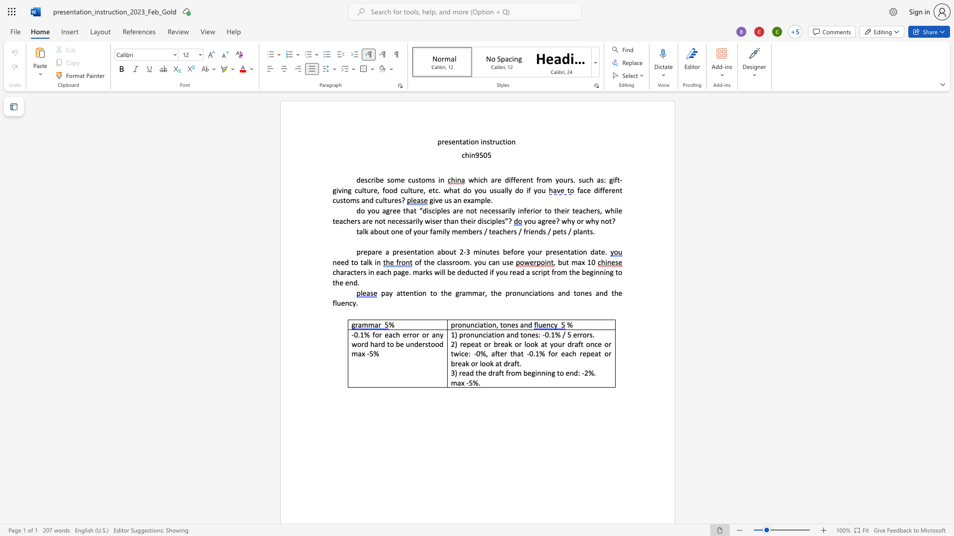 Image resolution: width=954 pixels, height=536 pixels. Describe the element at coordinates (354, 262) in the screenshot. I see `the space between the continuous character "t" and "o" in the text` at that location.